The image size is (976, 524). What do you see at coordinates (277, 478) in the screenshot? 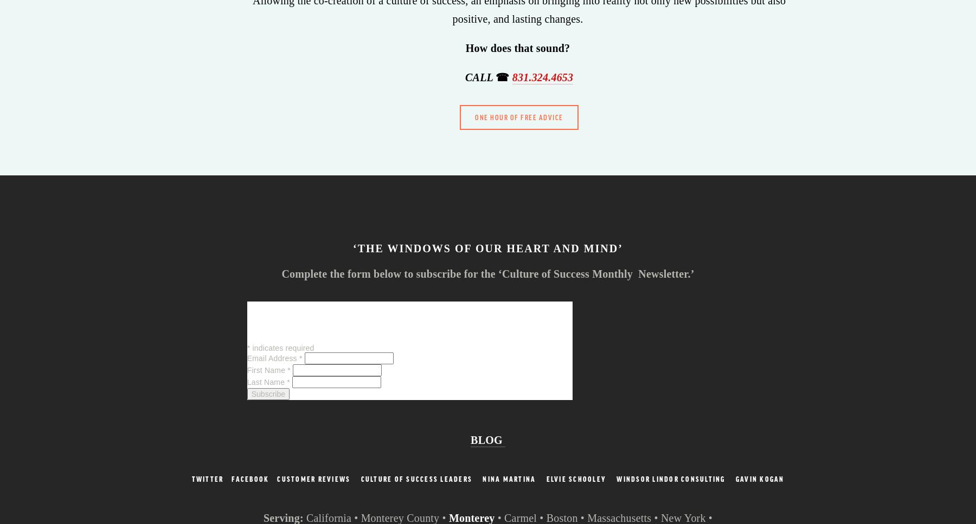
I see `'Customer Reviews'` at bounding box center [277, 478].